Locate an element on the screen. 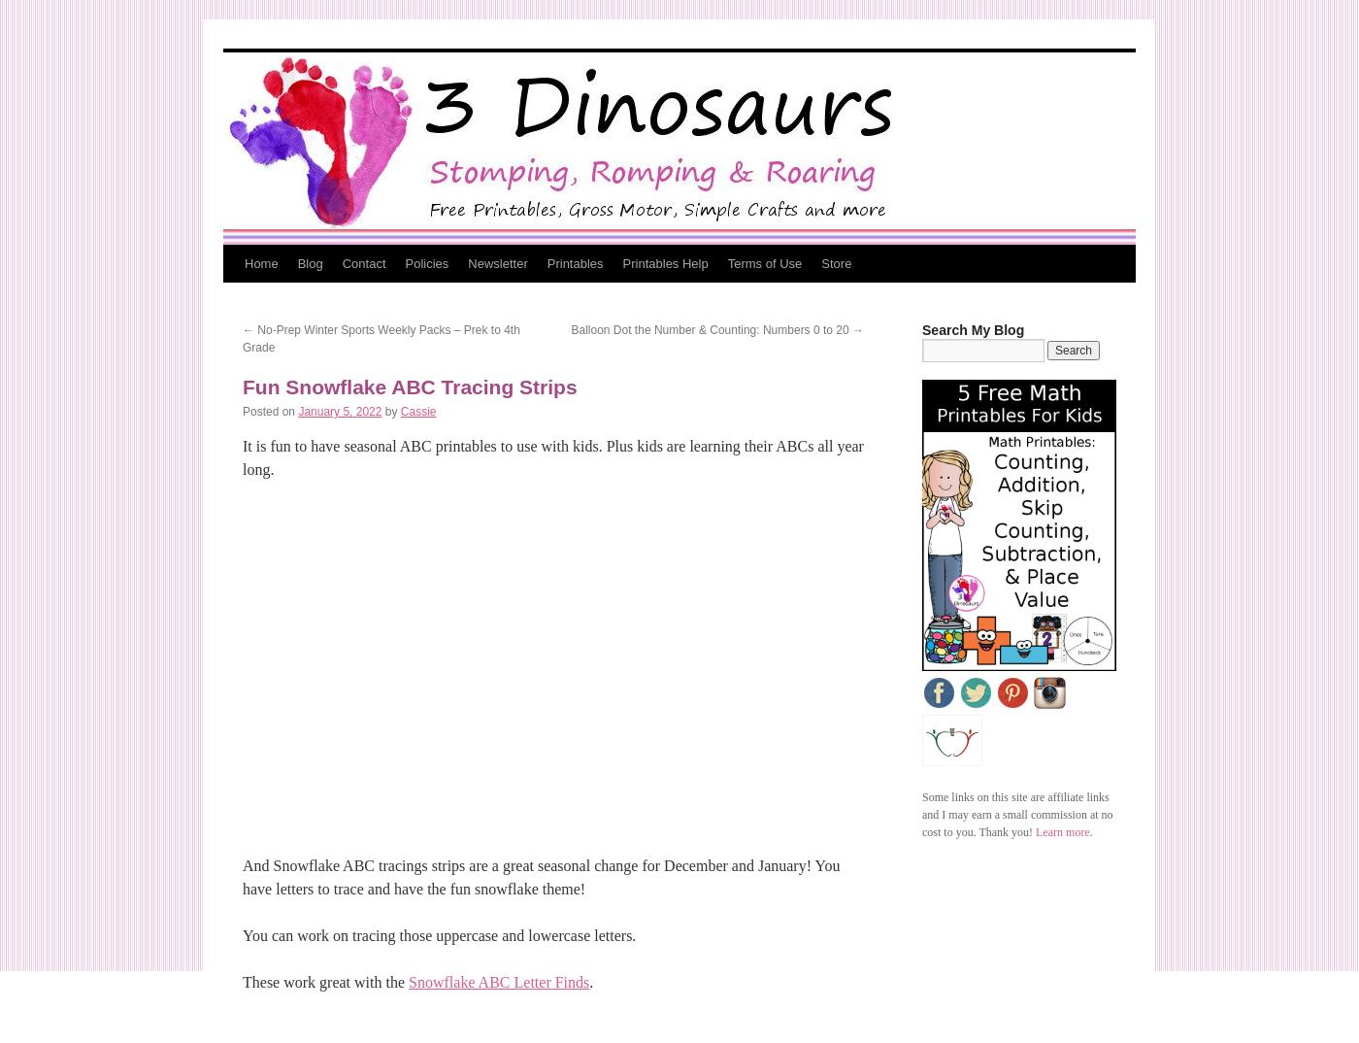 The height and width of the screenshot is (1043, 1359). 'It is fun to have seasonal ABC printables to use with kids. Plus kids are learning their ABCs all year long.' is located at coordinates (552, 456).